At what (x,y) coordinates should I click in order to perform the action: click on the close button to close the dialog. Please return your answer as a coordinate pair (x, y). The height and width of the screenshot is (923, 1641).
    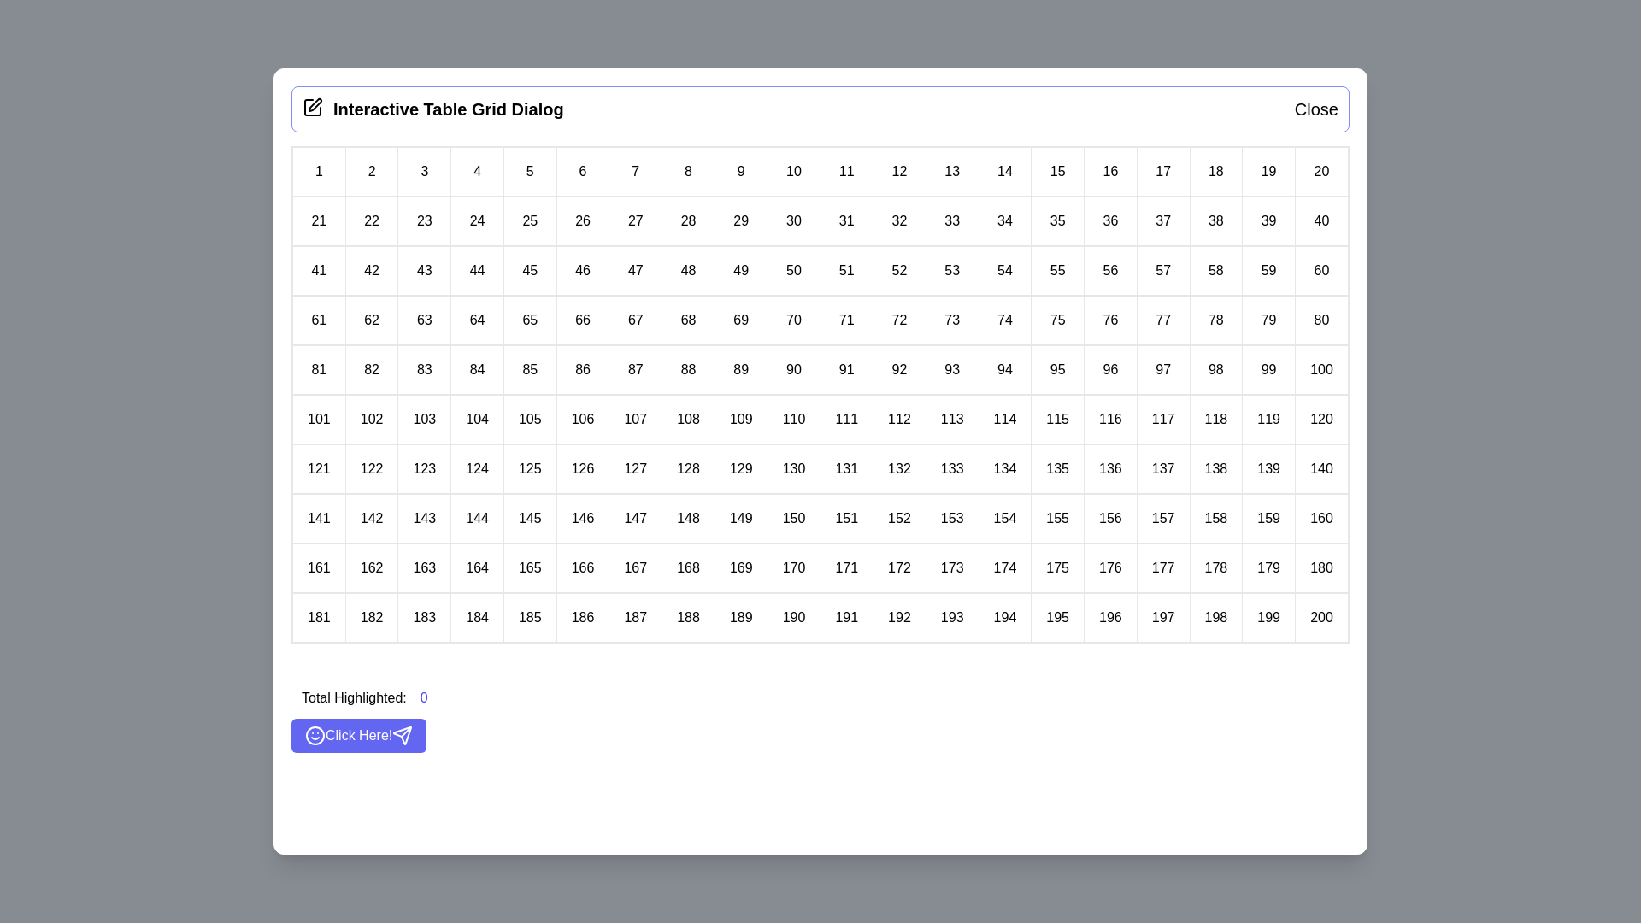
    Looking at the image, I should click on (1315, 109).